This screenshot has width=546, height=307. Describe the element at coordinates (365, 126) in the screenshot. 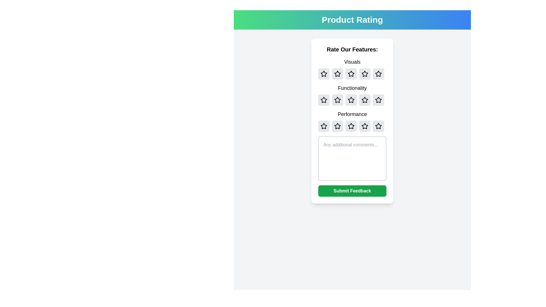

I see `the fourth star in the 'Performance' rating section` at that location.